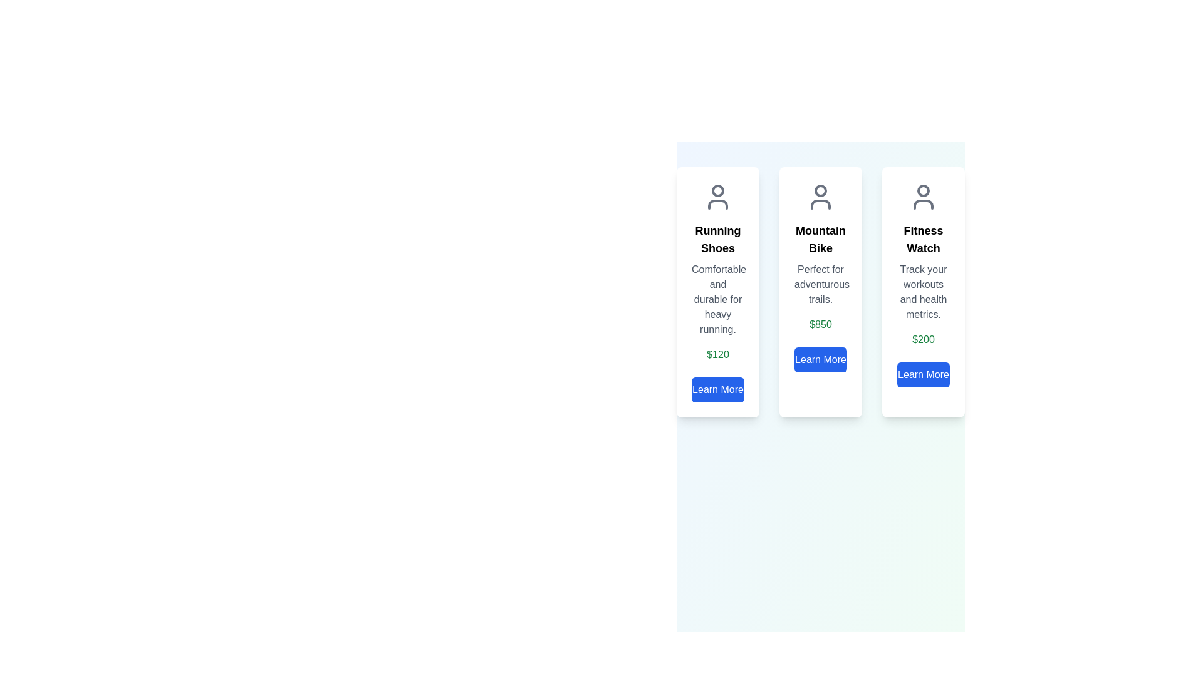 This screenshot has height=676, width=1203. Describe the element at coordinates (821, 285) in the screenshot. I see `the Text label that describes the Mountain Bike, located below the title 'Mountain Bike' and above the price '$850'` at that location.